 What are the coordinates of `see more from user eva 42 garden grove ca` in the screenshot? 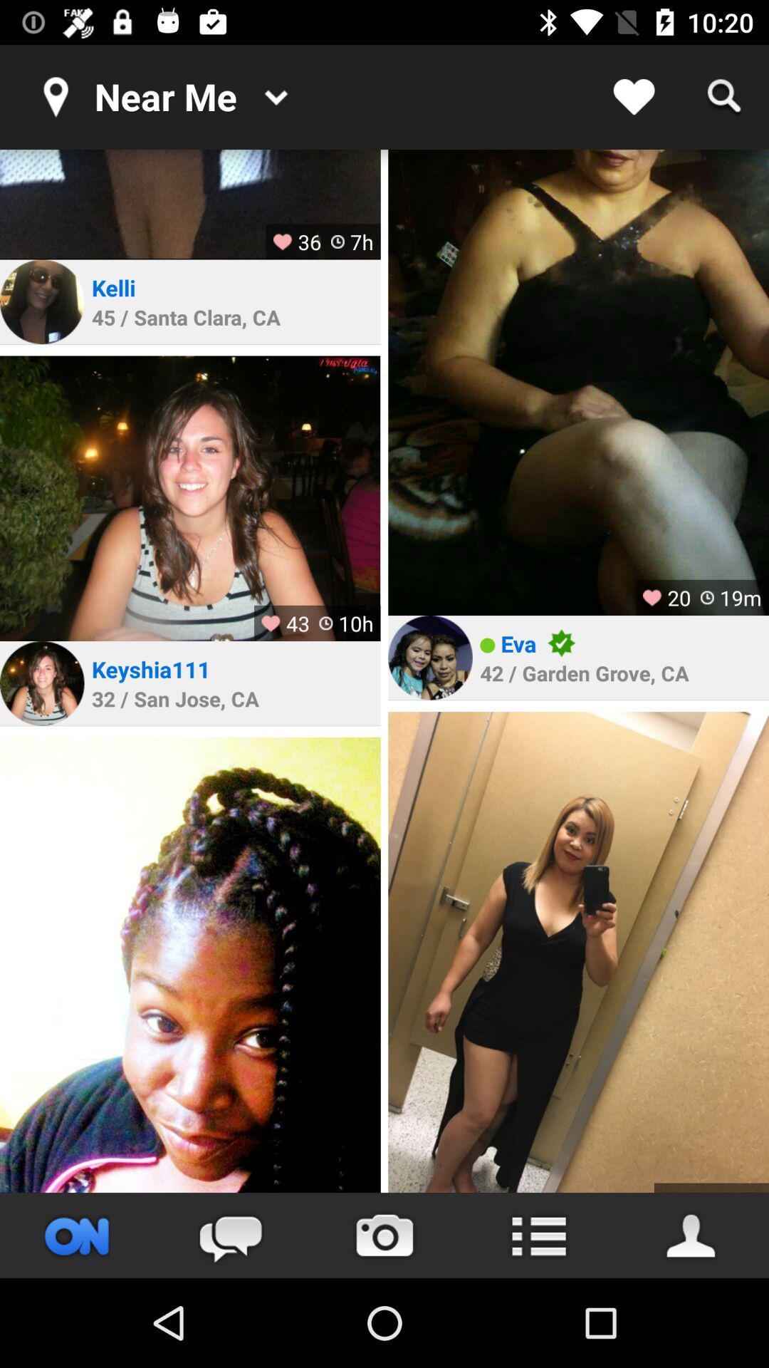 It's located at (578, 952).